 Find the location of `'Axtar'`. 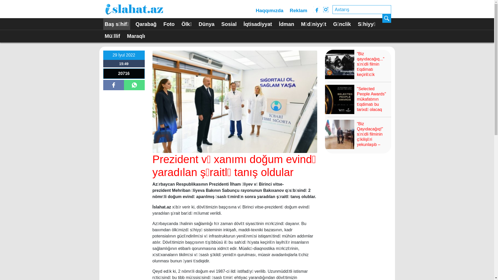

'Axtar' is located at coordinates (387, 18).